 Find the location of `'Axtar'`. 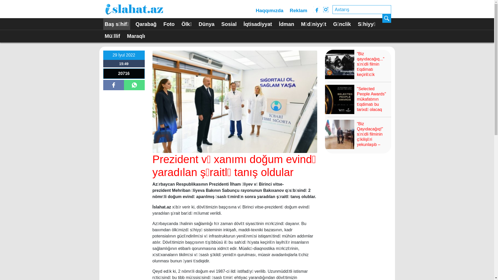

'Axtar' is located at coordinates (387, 18).